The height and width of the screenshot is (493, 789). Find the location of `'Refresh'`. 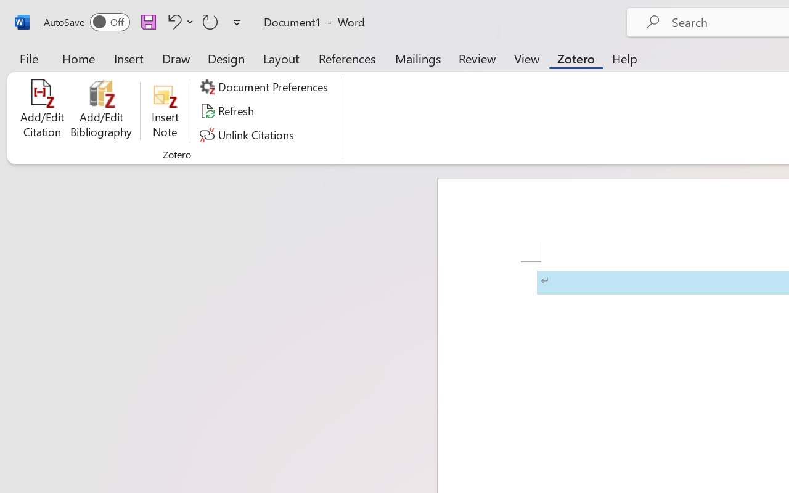

'Refresh' is located at coordinates (229, 110).